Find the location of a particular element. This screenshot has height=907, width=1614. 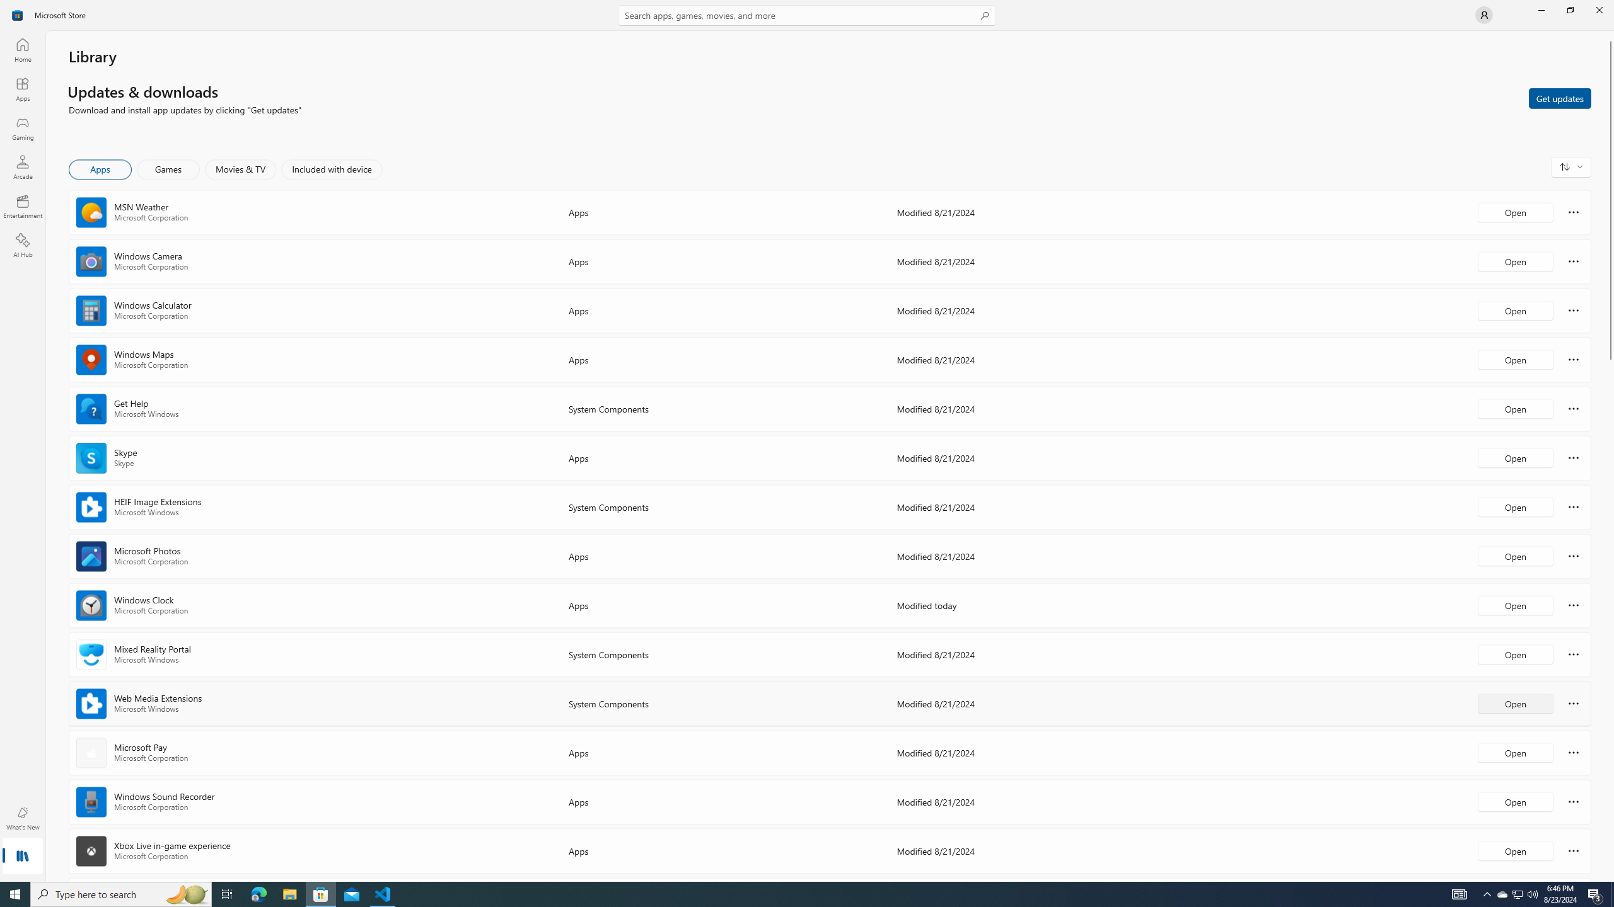

'Movies & TV' is located at coordinates (240, 169).